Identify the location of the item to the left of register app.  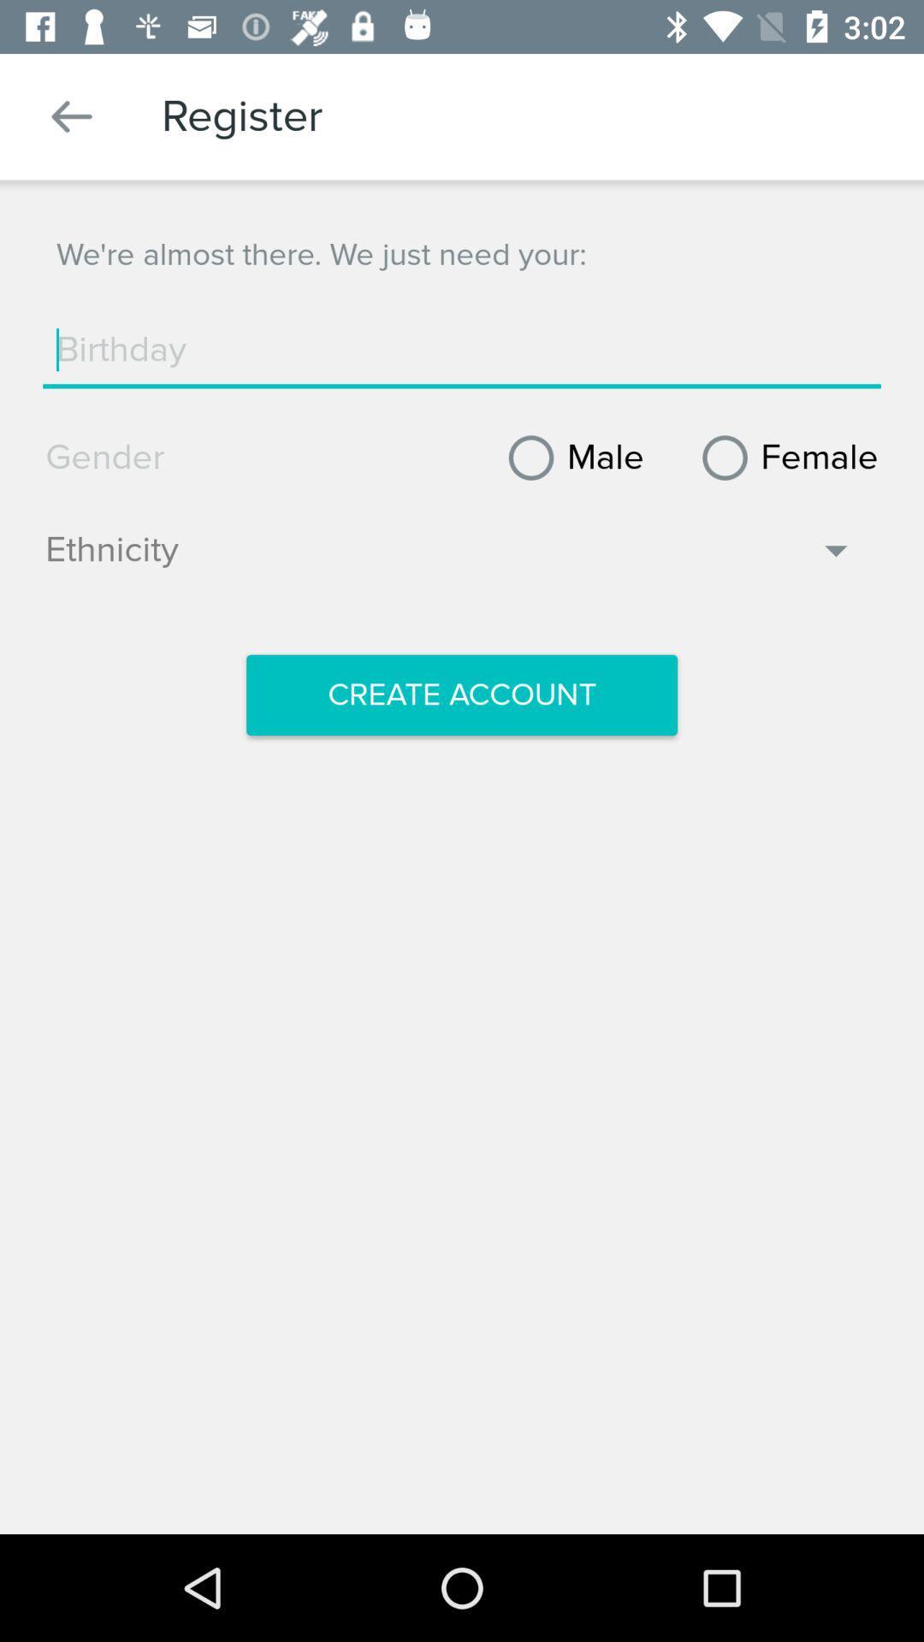
(71, 115).